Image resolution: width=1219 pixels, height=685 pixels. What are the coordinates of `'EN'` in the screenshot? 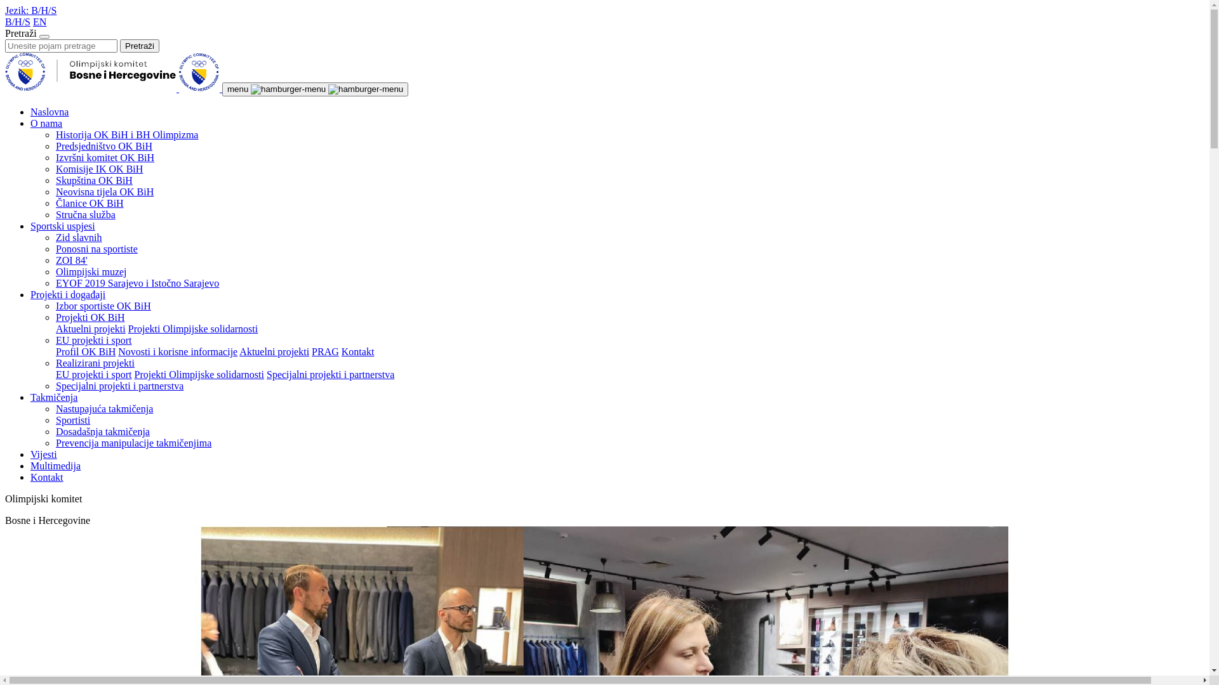 It's located at (39, 22).